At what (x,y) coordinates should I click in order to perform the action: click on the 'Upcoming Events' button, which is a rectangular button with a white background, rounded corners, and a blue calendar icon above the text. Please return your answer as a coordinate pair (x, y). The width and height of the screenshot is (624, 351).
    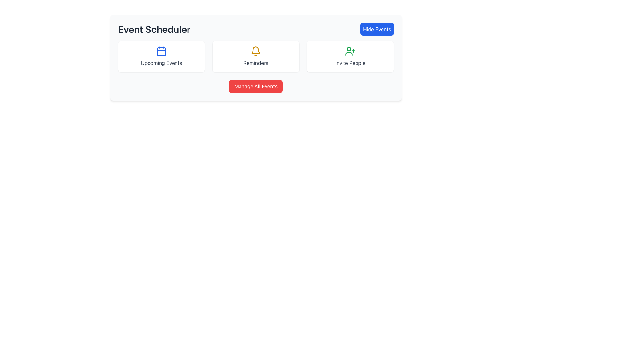
    Looking at the image, I should click on (161, 56).